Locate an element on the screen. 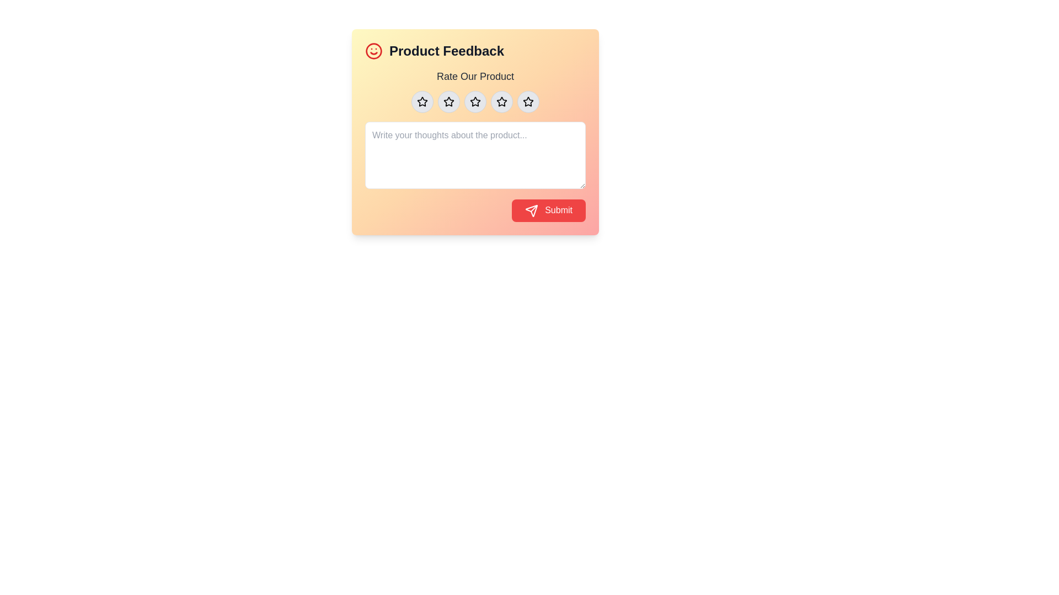  the third star icon in a five-star rating scale is located at coordinates (449, 102).